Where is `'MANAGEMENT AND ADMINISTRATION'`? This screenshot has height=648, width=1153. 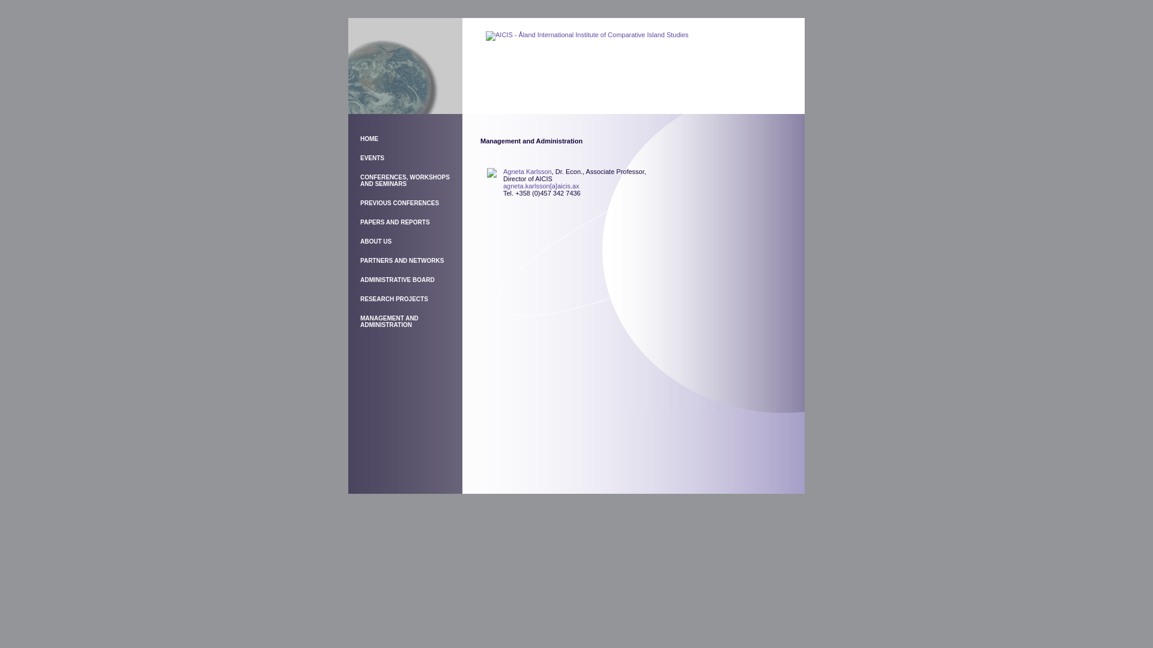
'MANAGEMENT AND ADMINISTRATION' is located at coordinates (389, 321).